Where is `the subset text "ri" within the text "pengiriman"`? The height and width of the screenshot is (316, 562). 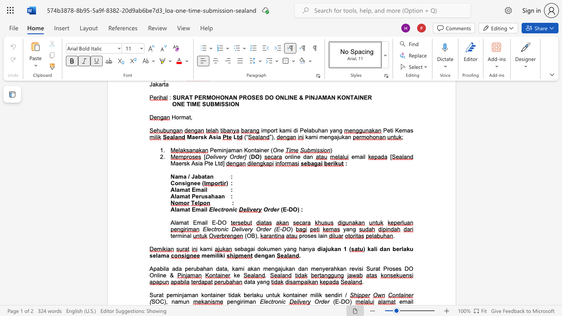
the subset text "ri" within the text "pengiriman" is located at coordinates (241, 301).